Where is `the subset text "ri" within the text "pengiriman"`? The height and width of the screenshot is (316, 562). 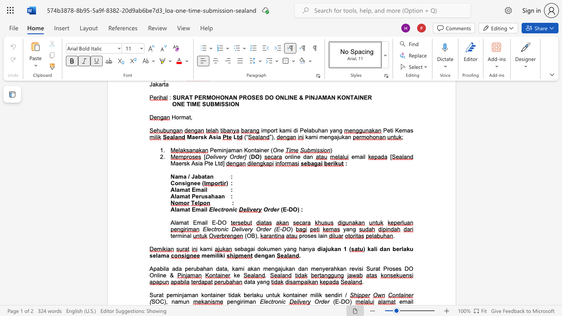
the subset text "ri" within the text "pengiriman" is located at coordinates (241, 301).